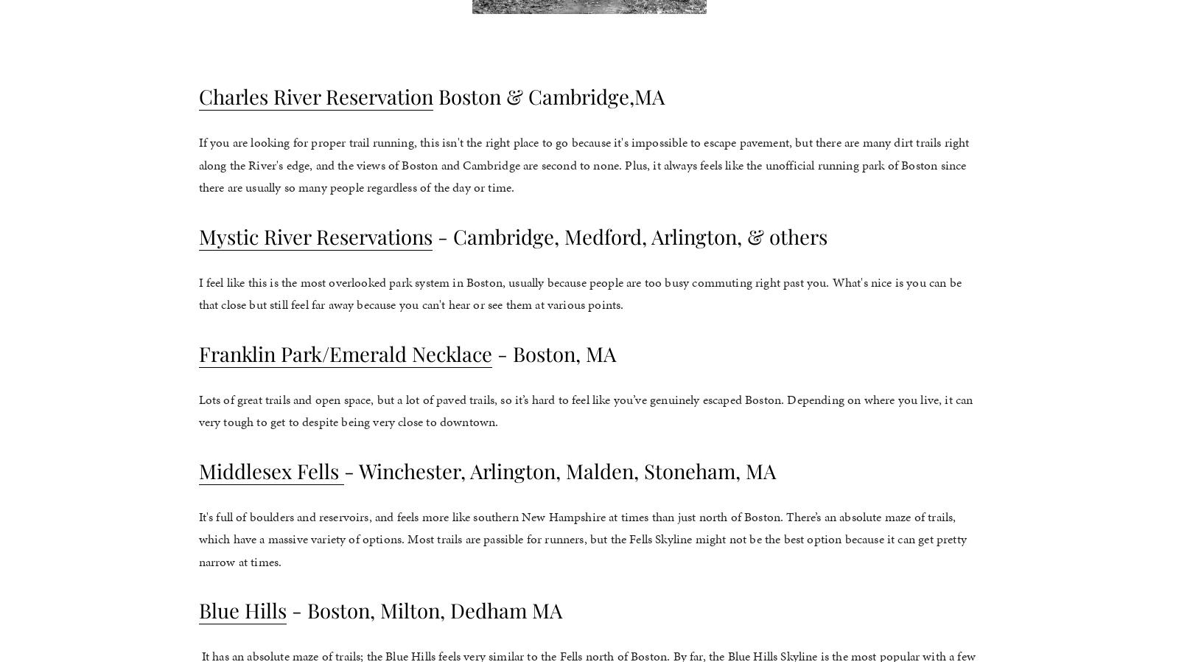 The image size is (1179, 662). What do you see at coordinates (581, 293) in the screenshot?
I see `'I feel like this is the most overlooked park system in Boston, usually because people are too busy commuting right past you. What's nice is you can be that close but still feel far away because you can't hear or see them at various points.'` at bounding box center [581, 293].